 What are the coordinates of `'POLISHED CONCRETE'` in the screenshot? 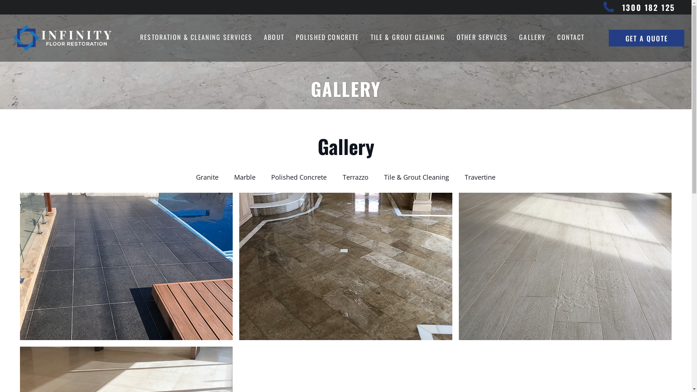 It's located at (327, 38).